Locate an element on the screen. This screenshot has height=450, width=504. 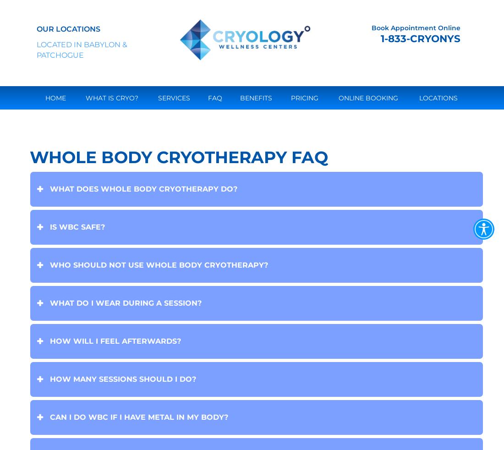
'Book Appointment Online' is located at coordinates (371, 27).